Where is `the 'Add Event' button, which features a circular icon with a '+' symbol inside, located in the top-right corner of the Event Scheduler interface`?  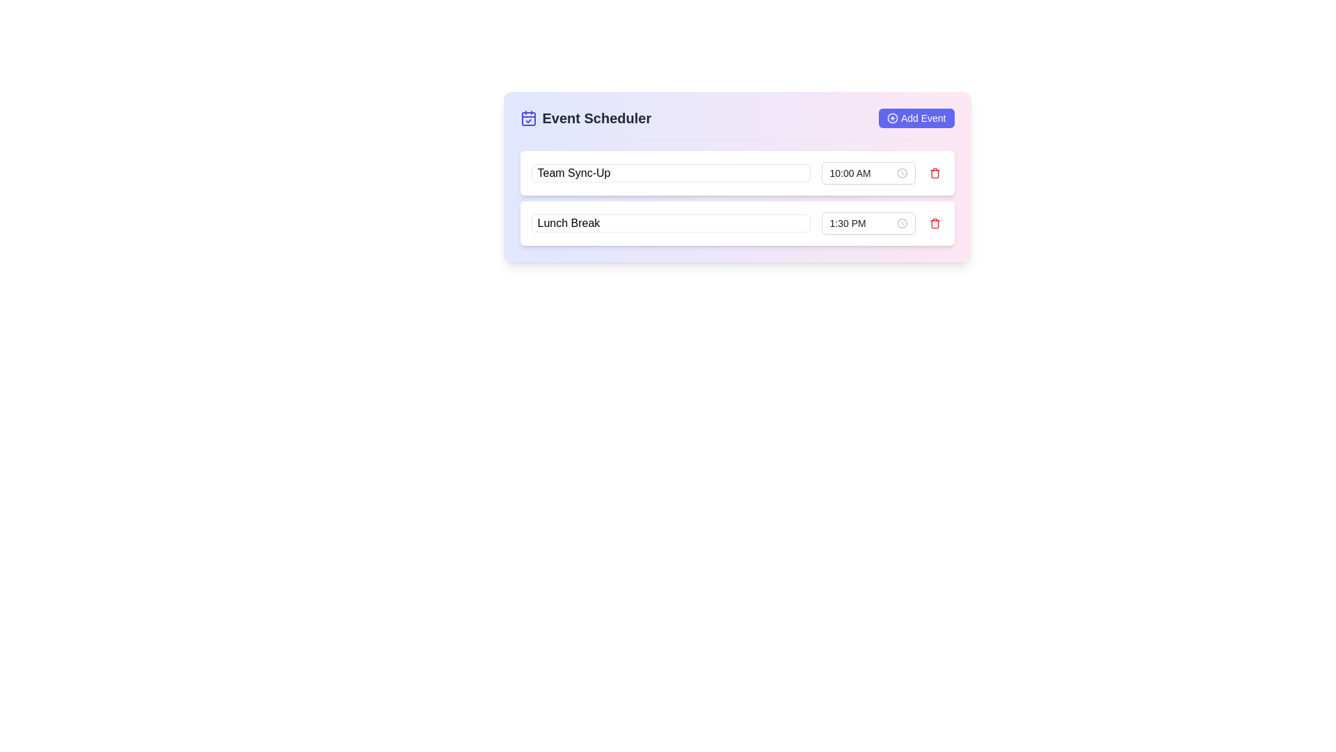 the 'Add Event' button, which features a circular icon with a '+' symbol inside, located in the top-right corner of the Event Scheduler interface is located at coordinates (892, 117).